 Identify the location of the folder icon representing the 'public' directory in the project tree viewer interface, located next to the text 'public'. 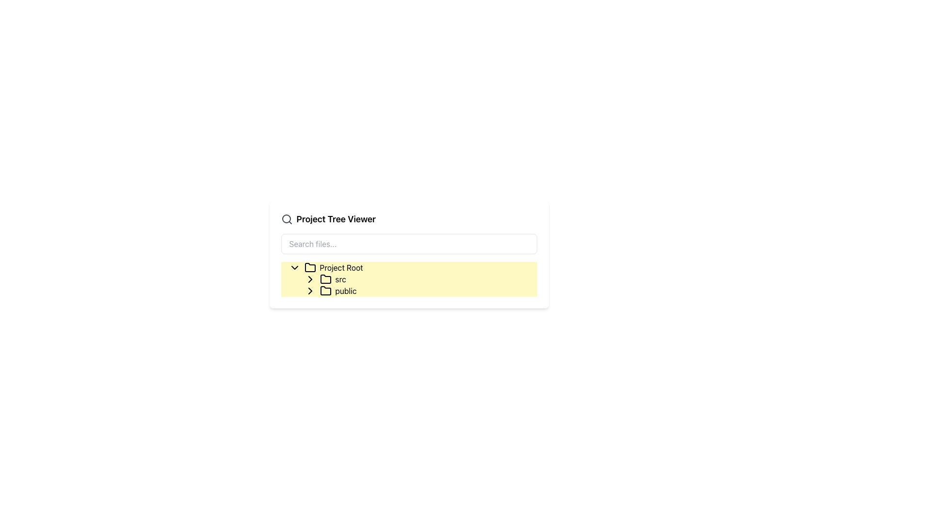
(325, 291).